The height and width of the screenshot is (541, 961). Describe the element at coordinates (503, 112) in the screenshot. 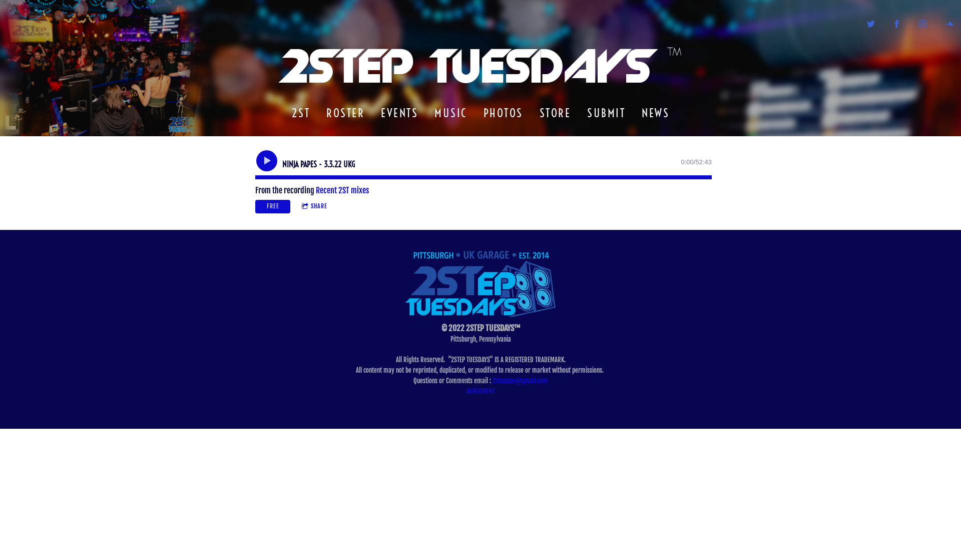

I see `'PHOTOS'` at that location.